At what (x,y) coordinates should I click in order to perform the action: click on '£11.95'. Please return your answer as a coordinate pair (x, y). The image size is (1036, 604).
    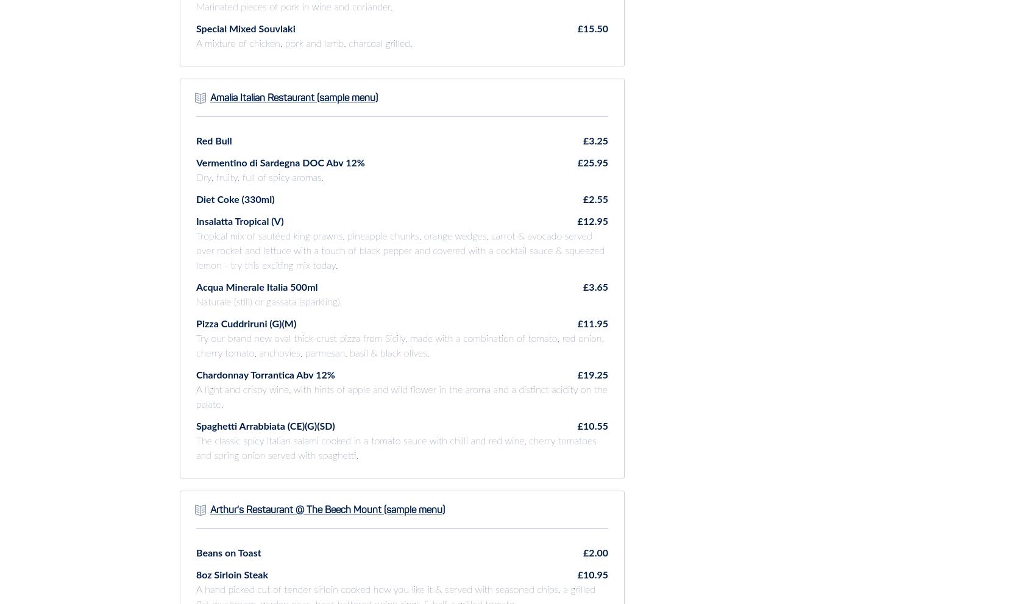
    Looking at the image, I should click on (592, 323).